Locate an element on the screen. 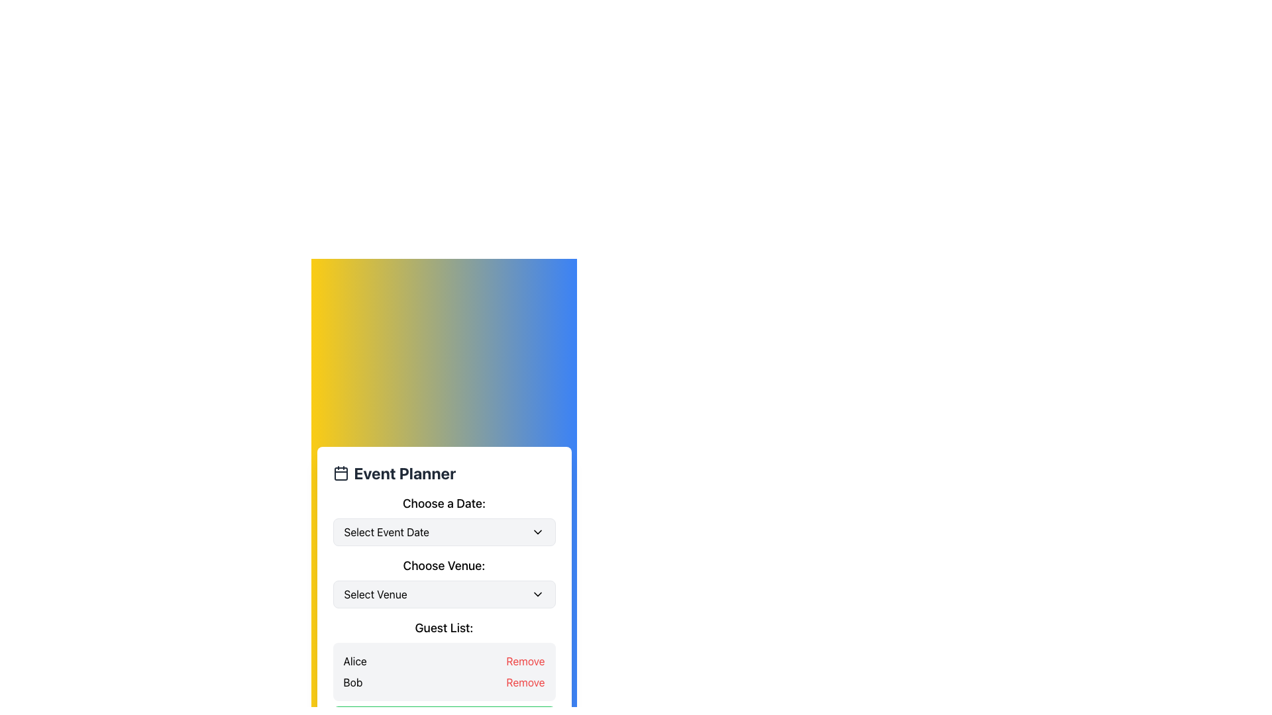  the text label displaying the name 'Bob', which is the second entry in the guest list under the 'Guest List:' heading in the 'Event Planner' panel is located at coordinates (352, 682).